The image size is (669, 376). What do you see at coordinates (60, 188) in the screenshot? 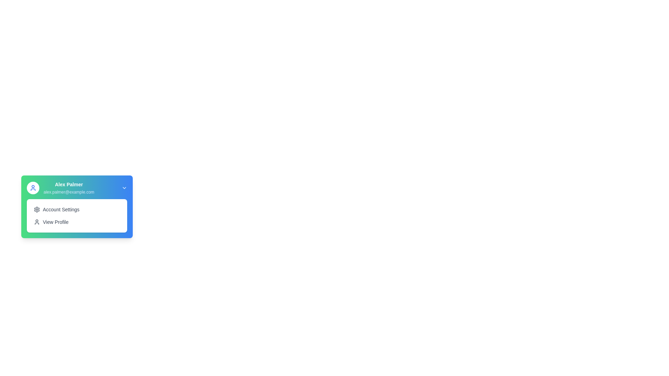
I see `the Profile display component located at the upper portion of the card` at bounding box center [60, 188].